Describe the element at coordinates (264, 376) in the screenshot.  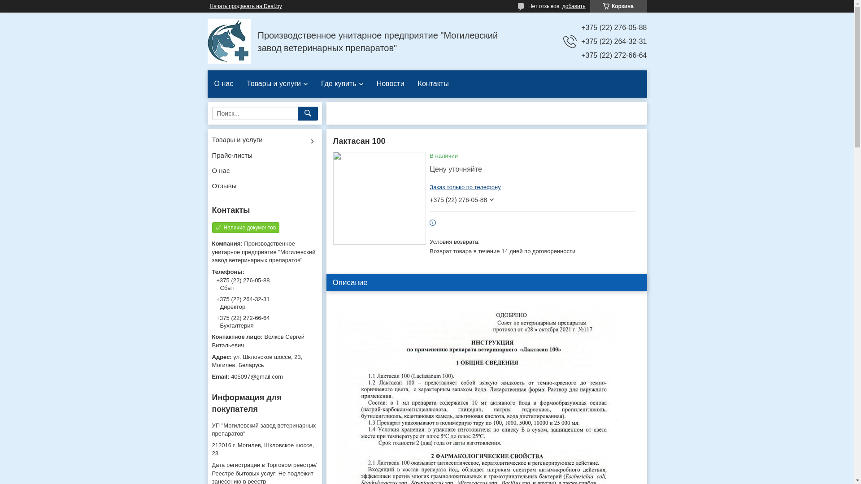
I see `'405097@gmail.com'` at that location.